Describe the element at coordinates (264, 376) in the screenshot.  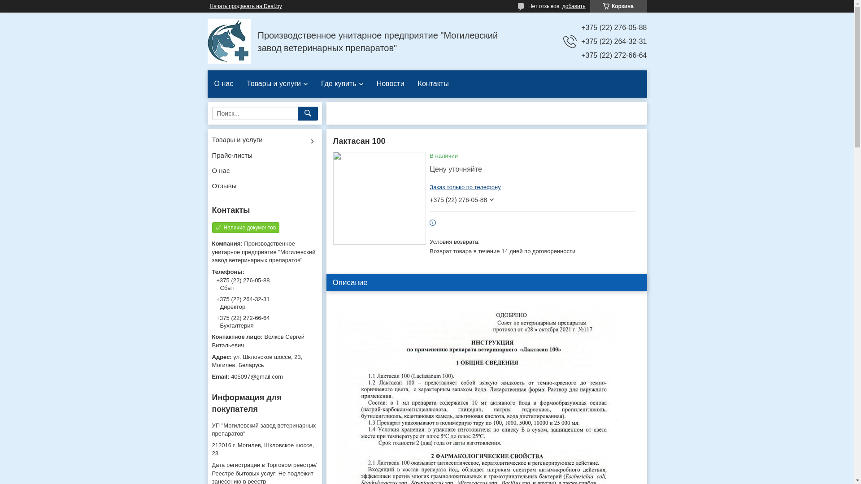
I see `'405097@gmail.com'` at that location.